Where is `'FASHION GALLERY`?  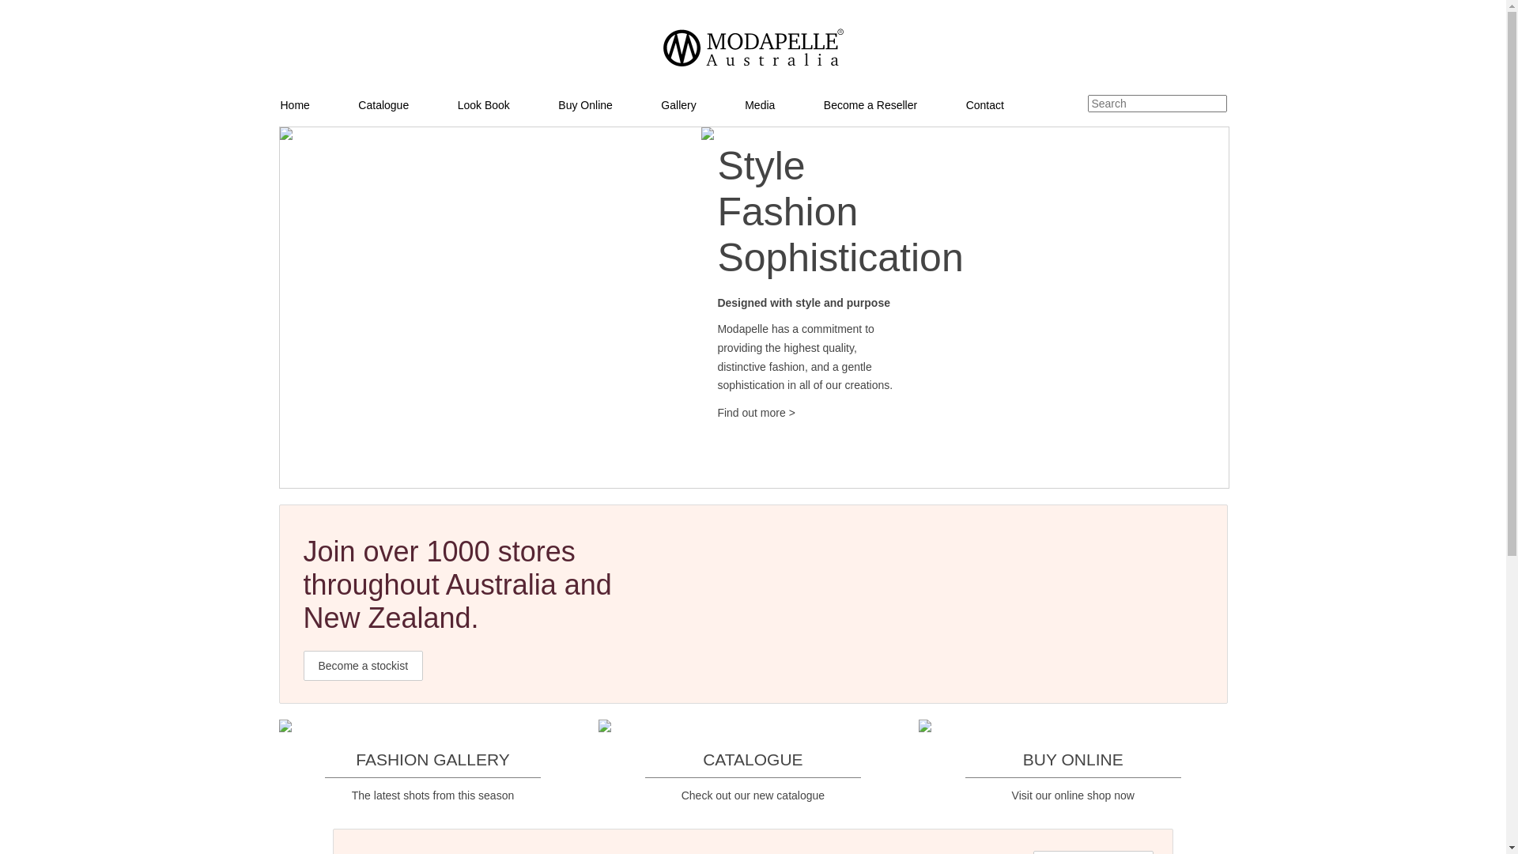 'FASHION GALLERY is located at coordinates (432, 759).